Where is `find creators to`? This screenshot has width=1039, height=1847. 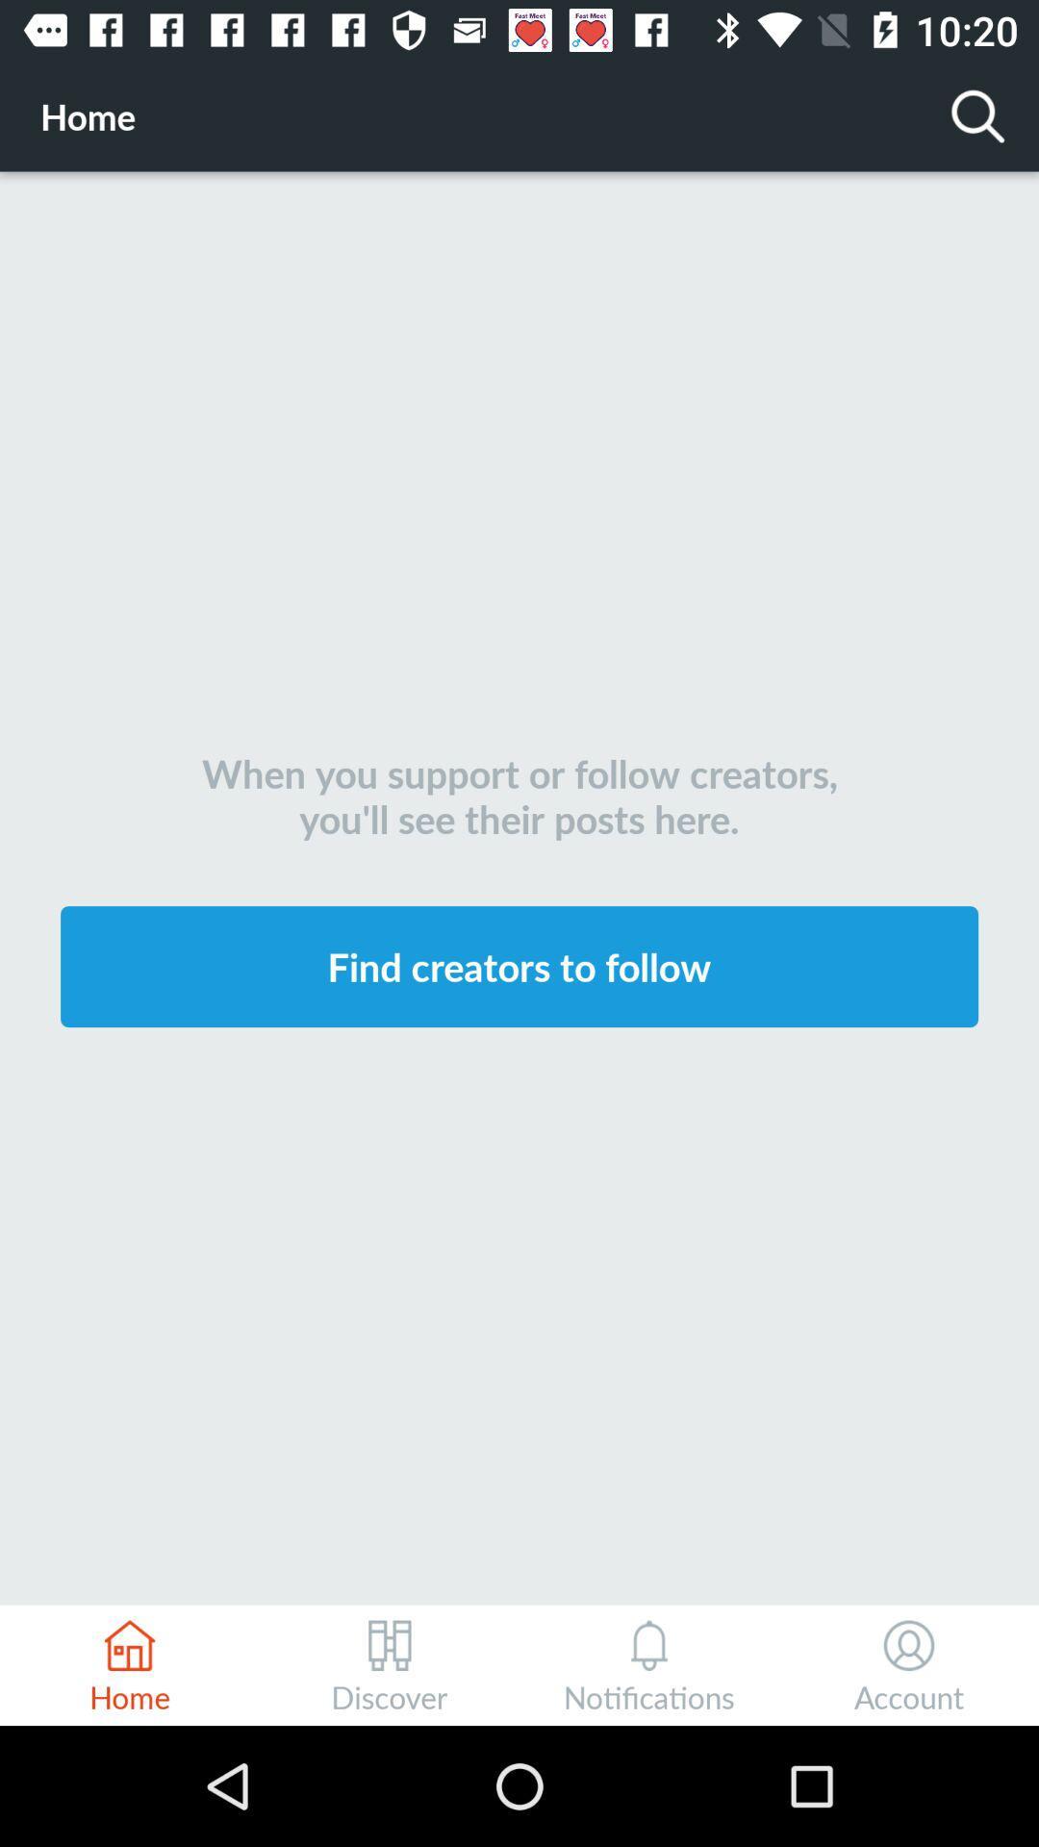 find creators to is located at coordinates (519, 966).